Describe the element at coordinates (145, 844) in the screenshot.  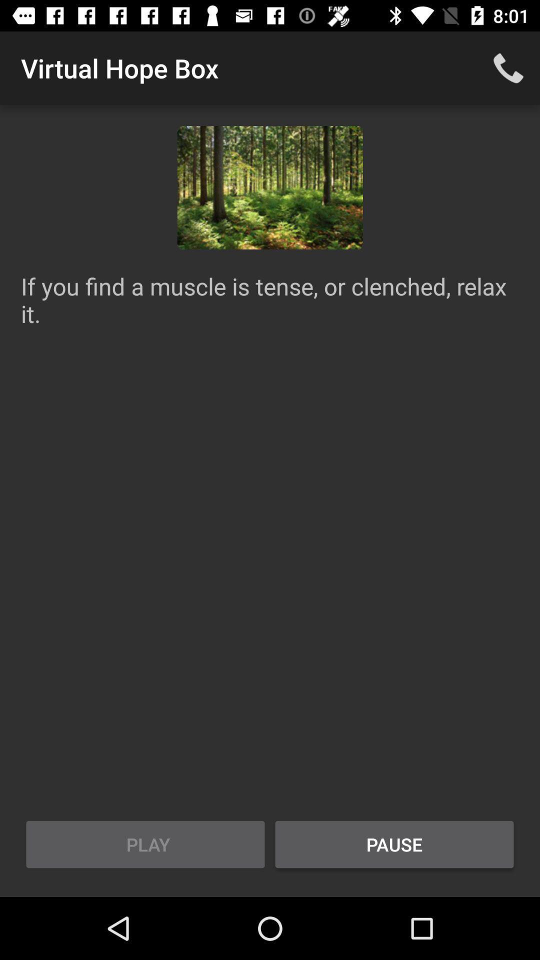
I see `play at the bottom left corner` at that location.